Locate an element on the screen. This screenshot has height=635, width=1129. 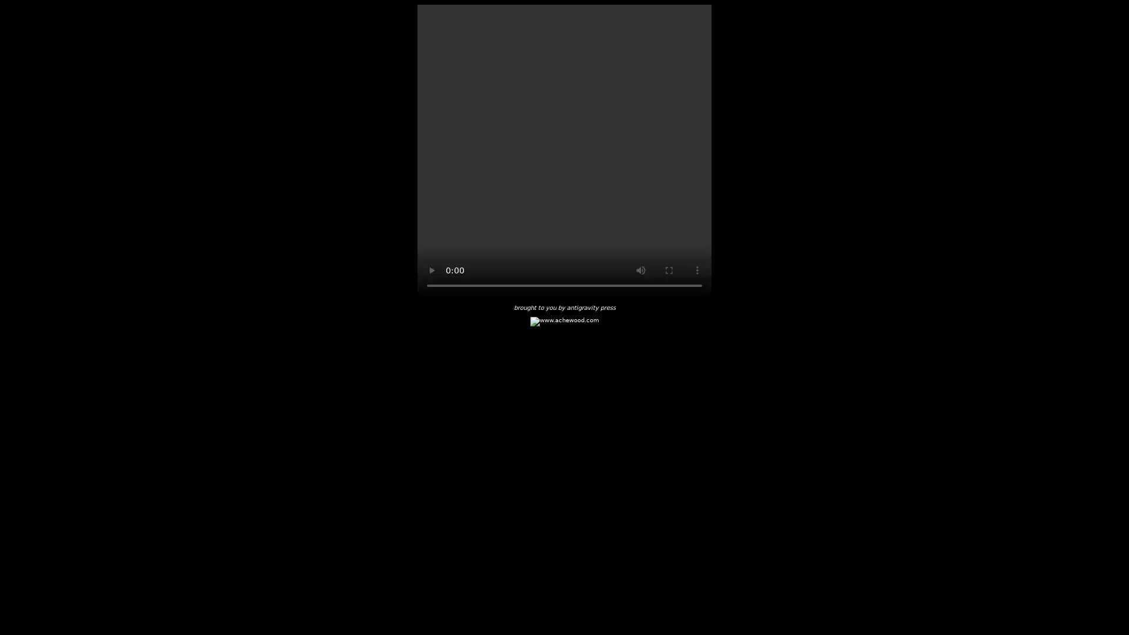
play is located at coordinates (431, 270).